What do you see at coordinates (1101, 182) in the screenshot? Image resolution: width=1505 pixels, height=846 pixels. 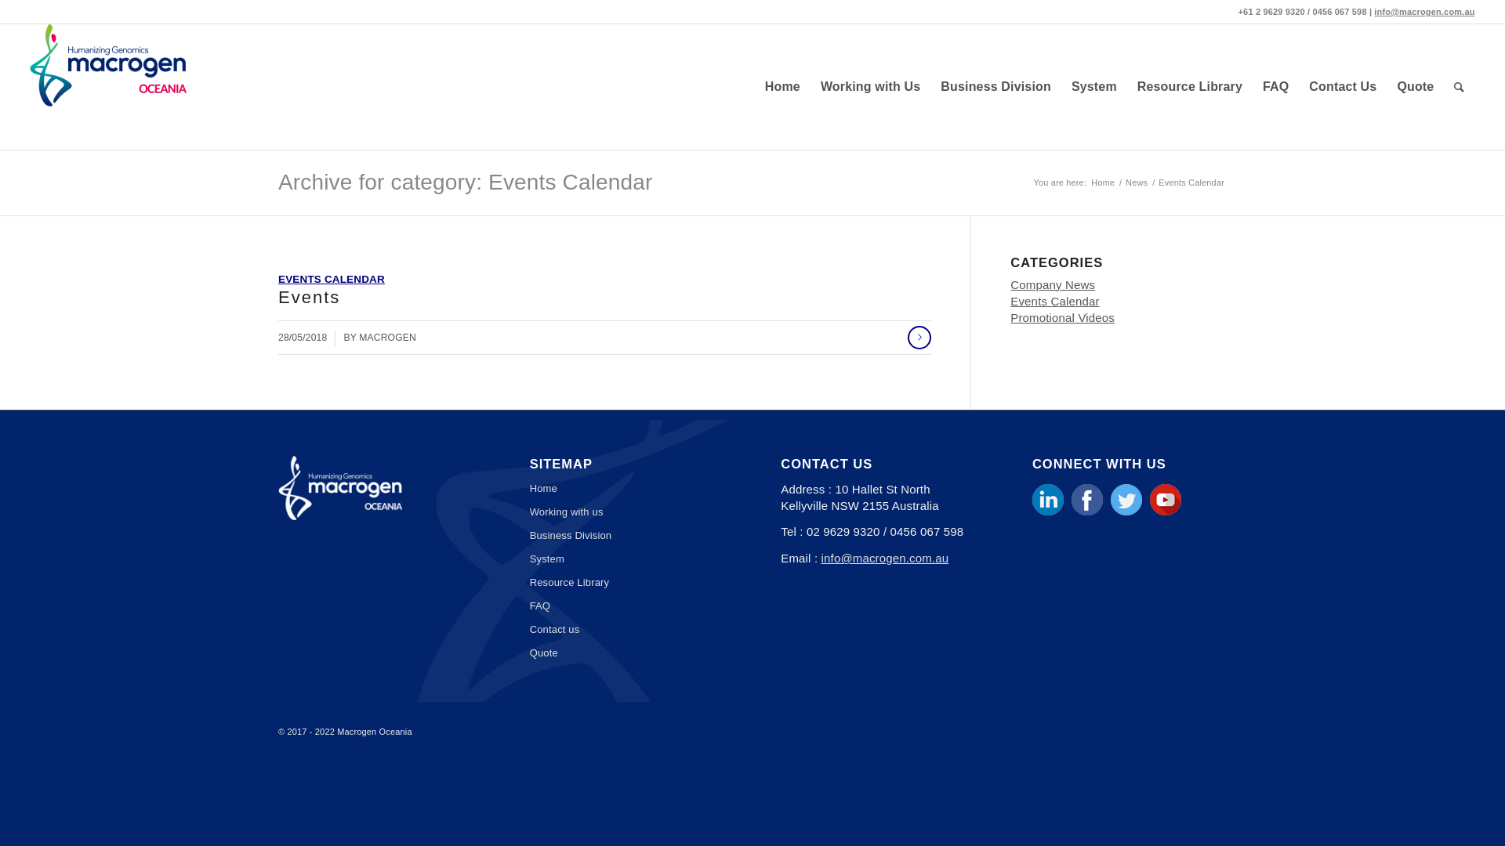 I see `'Home'` at bounding box center [1101, 182].